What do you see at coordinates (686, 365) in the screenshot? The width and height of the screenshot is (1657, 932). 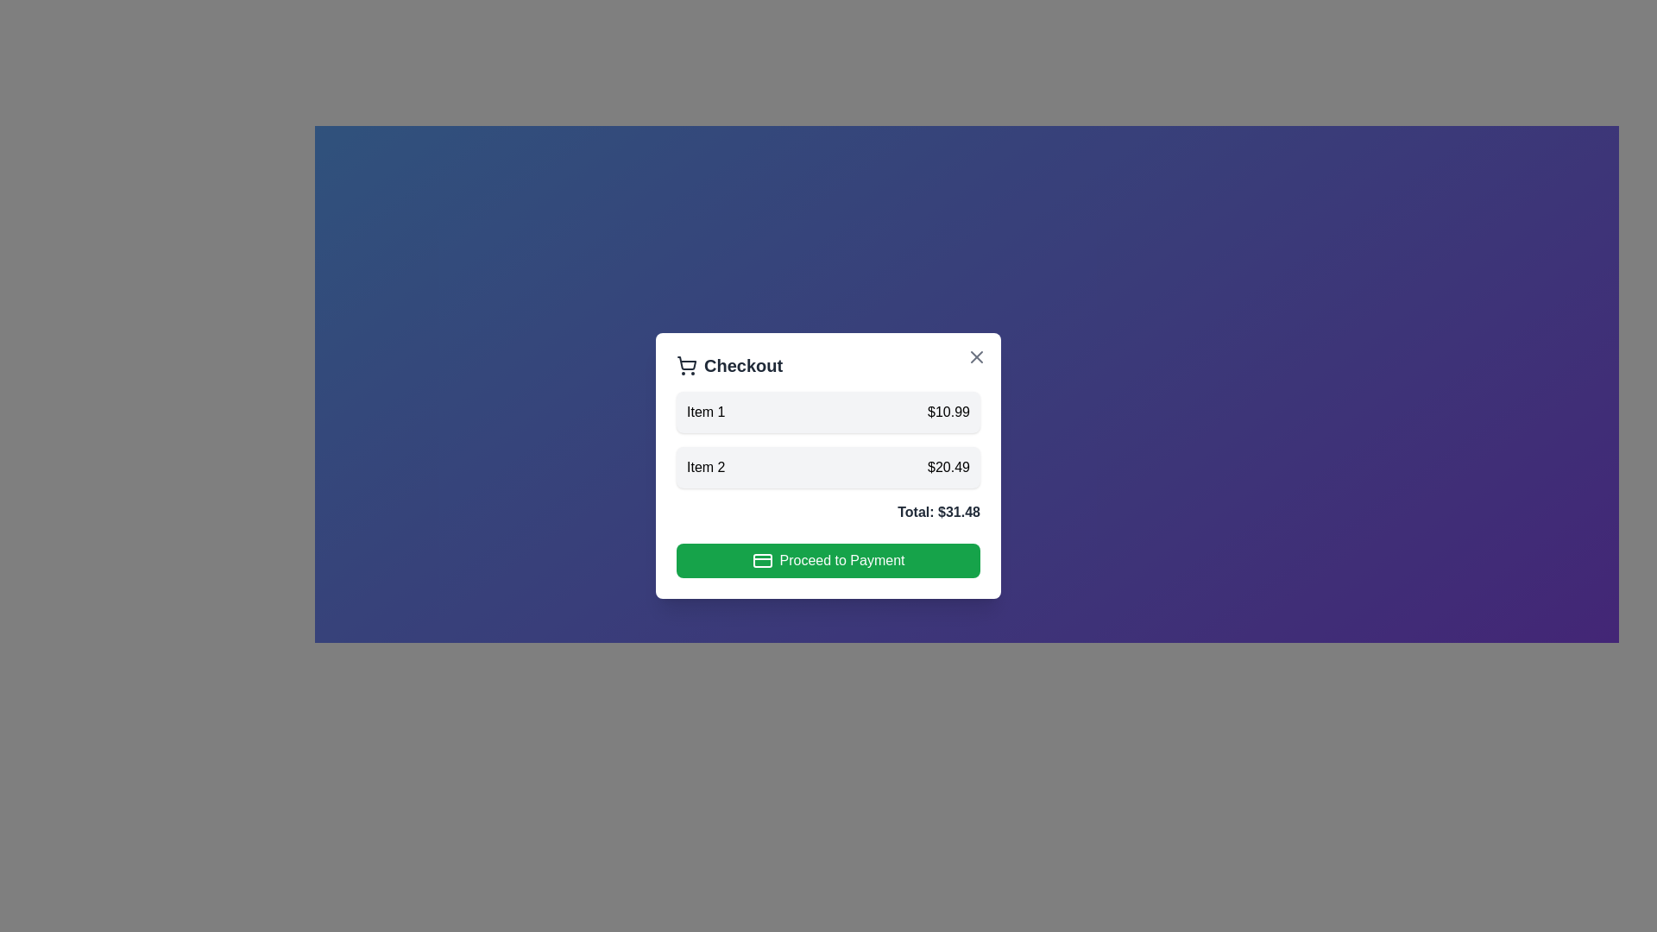 I see `shopping cart icon located at the top center of the interface, positioned immediately to the left of the 'Checkout' text` at bounding box center [686, 365].